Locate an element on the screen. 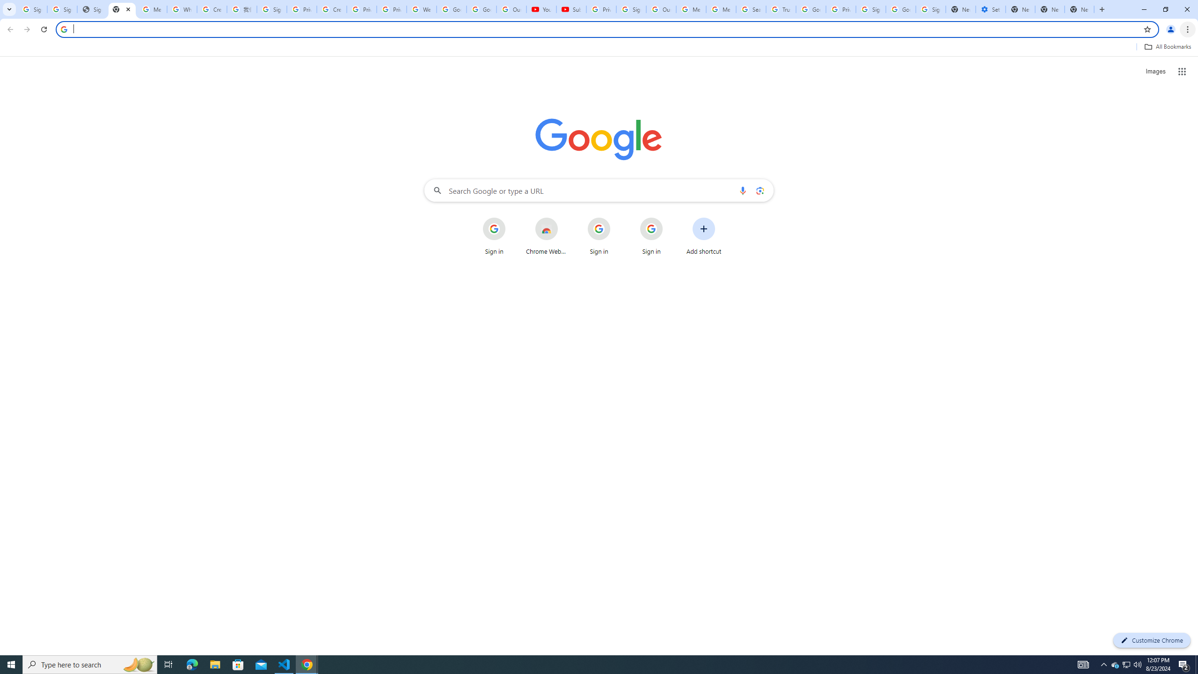 This screenshot has height=674, width=1198. 'Chrome' is located at coordinates (1188, 29).